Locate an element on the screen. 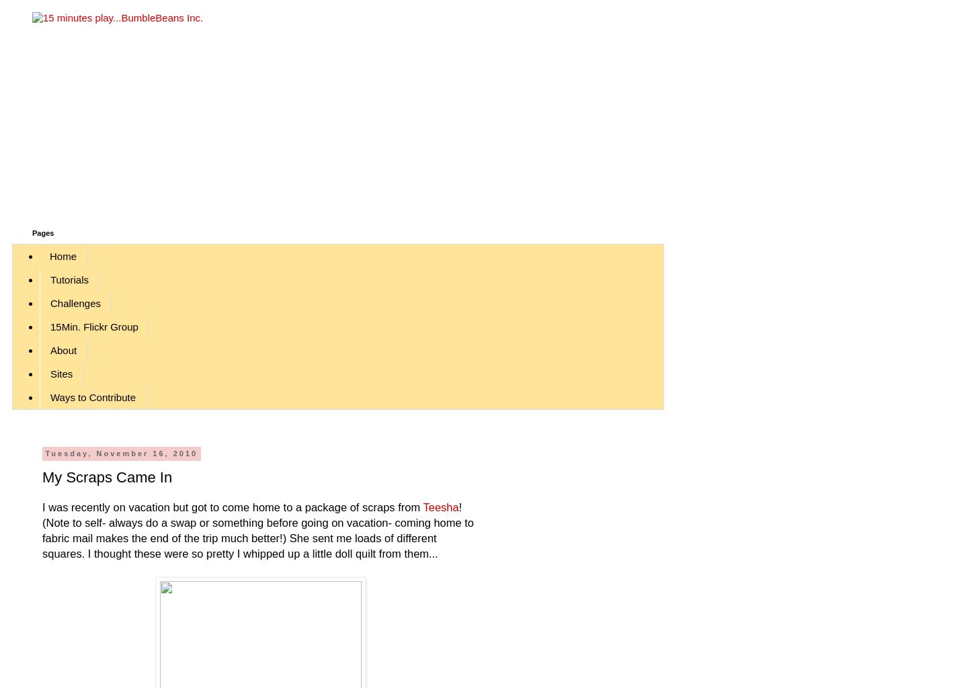 Image resolution: width=980 pixels, height=688 pixels. 'Pages' is located at coordinates (42, 233).